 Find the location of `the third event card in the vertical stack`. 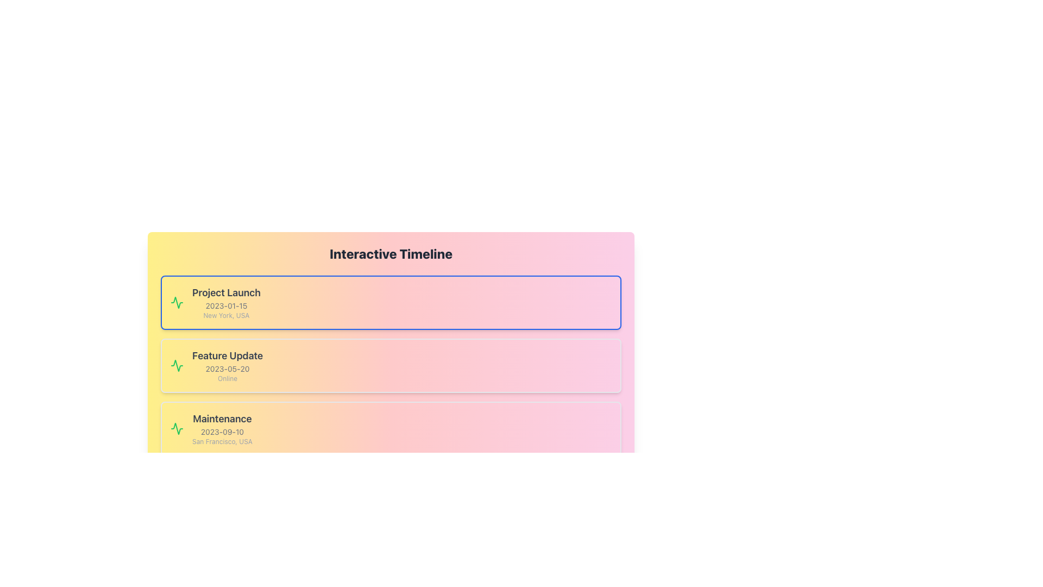

the third event card in the vertical stack is located at coordinates (391, 428).